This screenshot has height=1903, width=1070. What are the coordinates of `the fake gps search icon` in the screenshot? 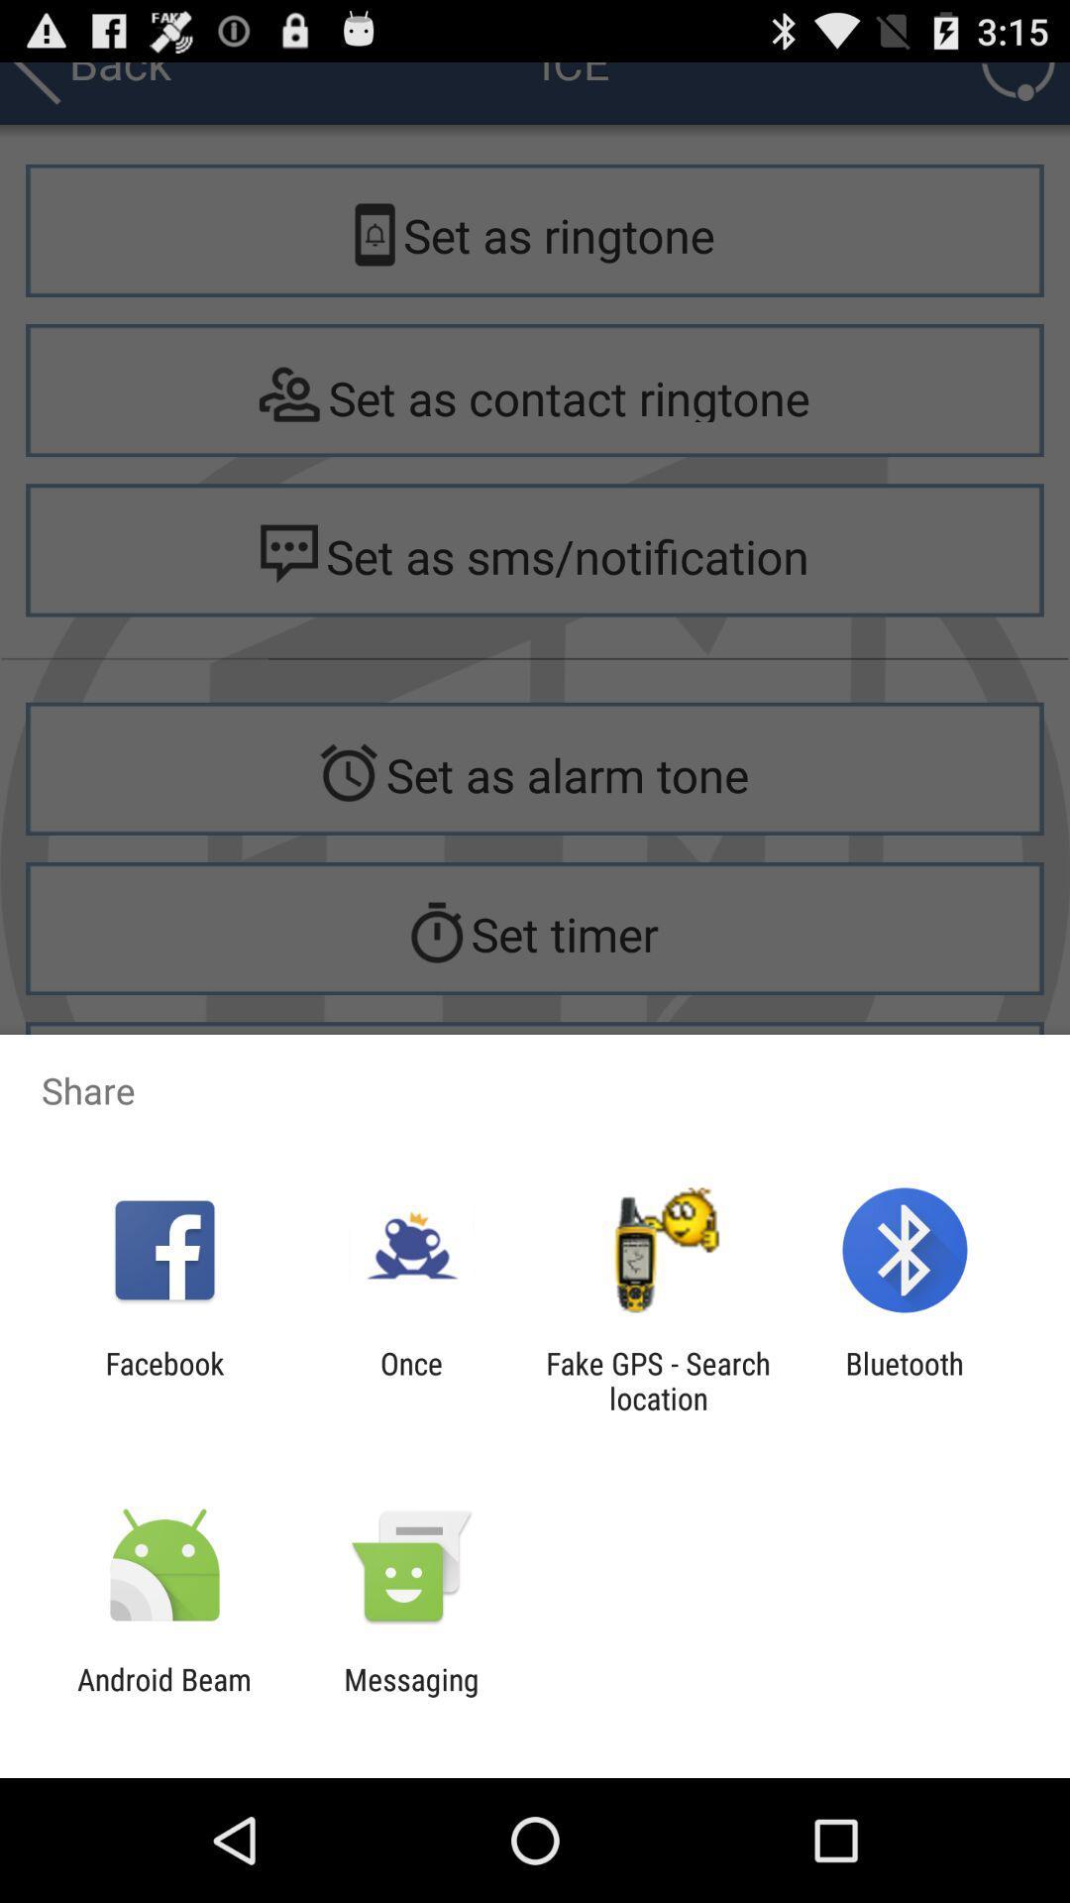 It's located at (658, 1380).